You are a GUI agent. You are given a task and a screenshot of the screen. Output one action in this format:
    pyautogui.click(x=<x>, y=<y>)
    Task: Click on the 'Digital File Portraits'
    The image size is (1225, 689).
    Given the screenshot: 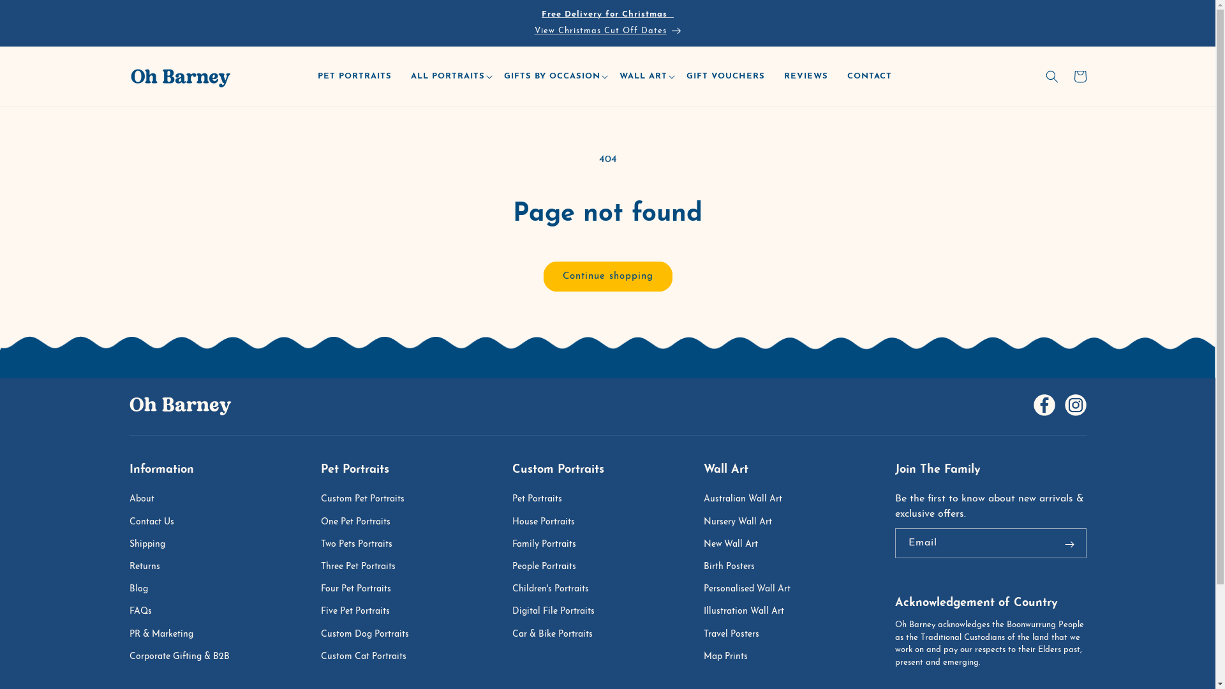 What is the action you would take?
    pyautogui.click(x=559, y=611)
    